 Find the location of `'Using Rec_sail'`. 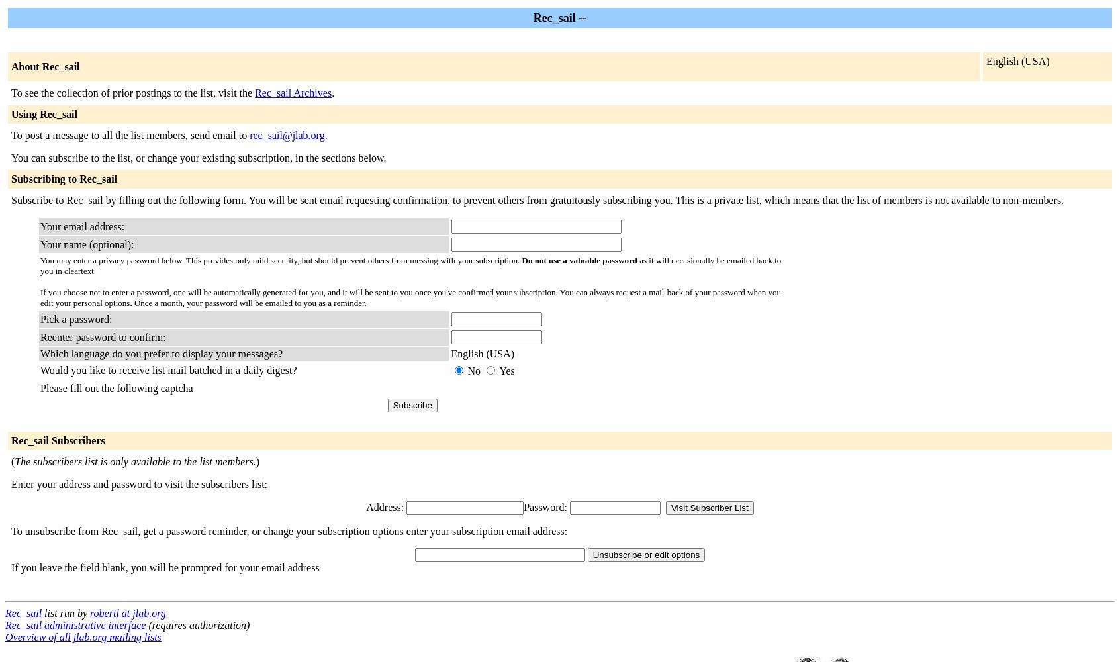

'Using Rec_sail' is located at coordinates (10, 114).